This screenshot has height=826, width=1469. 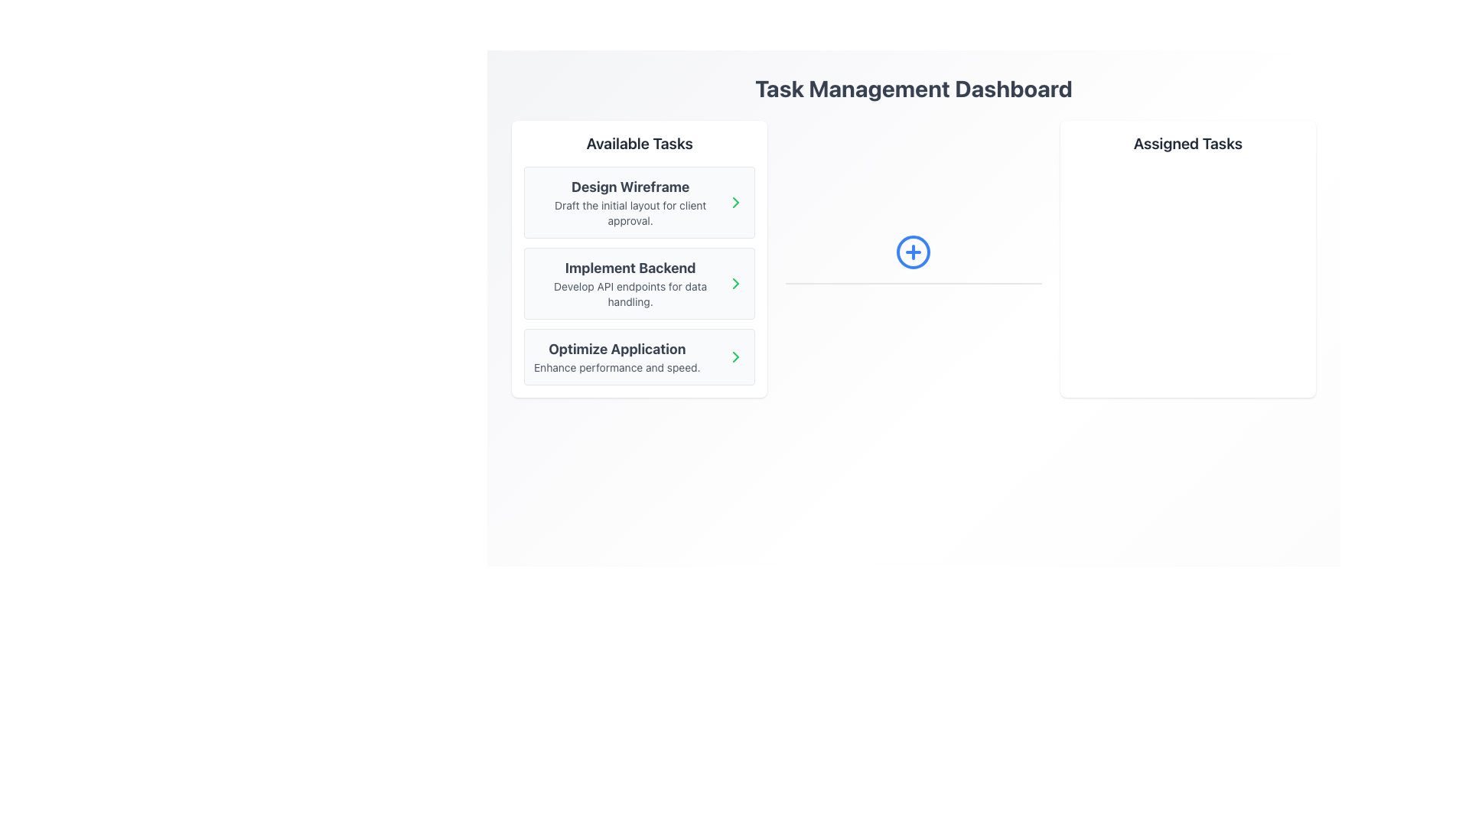 What do you see at coordinates (630, 213) in the screenshot?
I see `text snippet that says 'Draft the initial layout for client approval.' located in the 'Available Tasks' panel under the 'Design Wireframe' section` at bounding box center [630, 213].